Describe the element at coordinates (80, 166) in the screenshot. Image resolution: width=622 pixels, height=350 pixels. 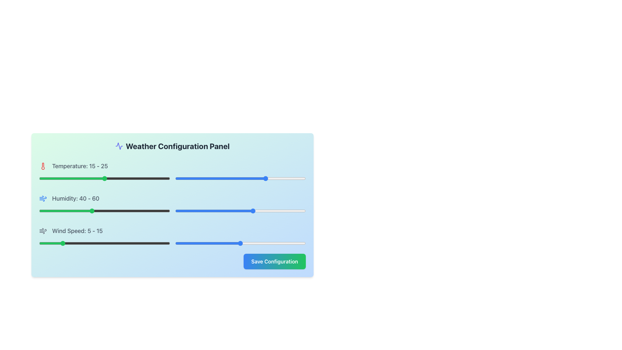
I see `text indicating the currently set temperature range (15 to 25) from the Text Block located in the top-left section of the Weather Configuration Panel, adjacent to the thermometer icon` at that location.